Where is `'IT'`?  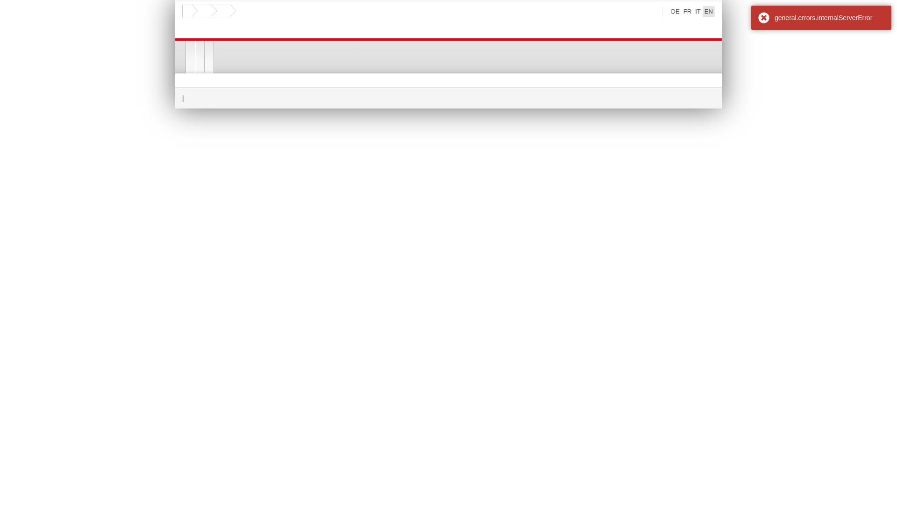
'IT' is located at coordinates (698, 11).